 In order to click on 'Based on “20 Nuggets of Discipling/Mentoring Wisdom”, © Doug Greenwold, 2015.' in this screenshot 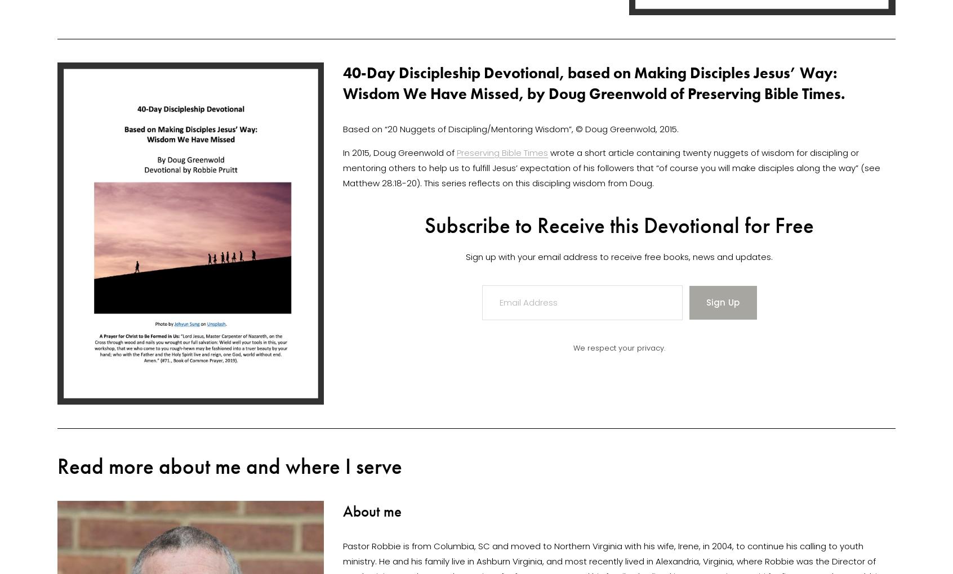, I will do `click(511, 128)`.